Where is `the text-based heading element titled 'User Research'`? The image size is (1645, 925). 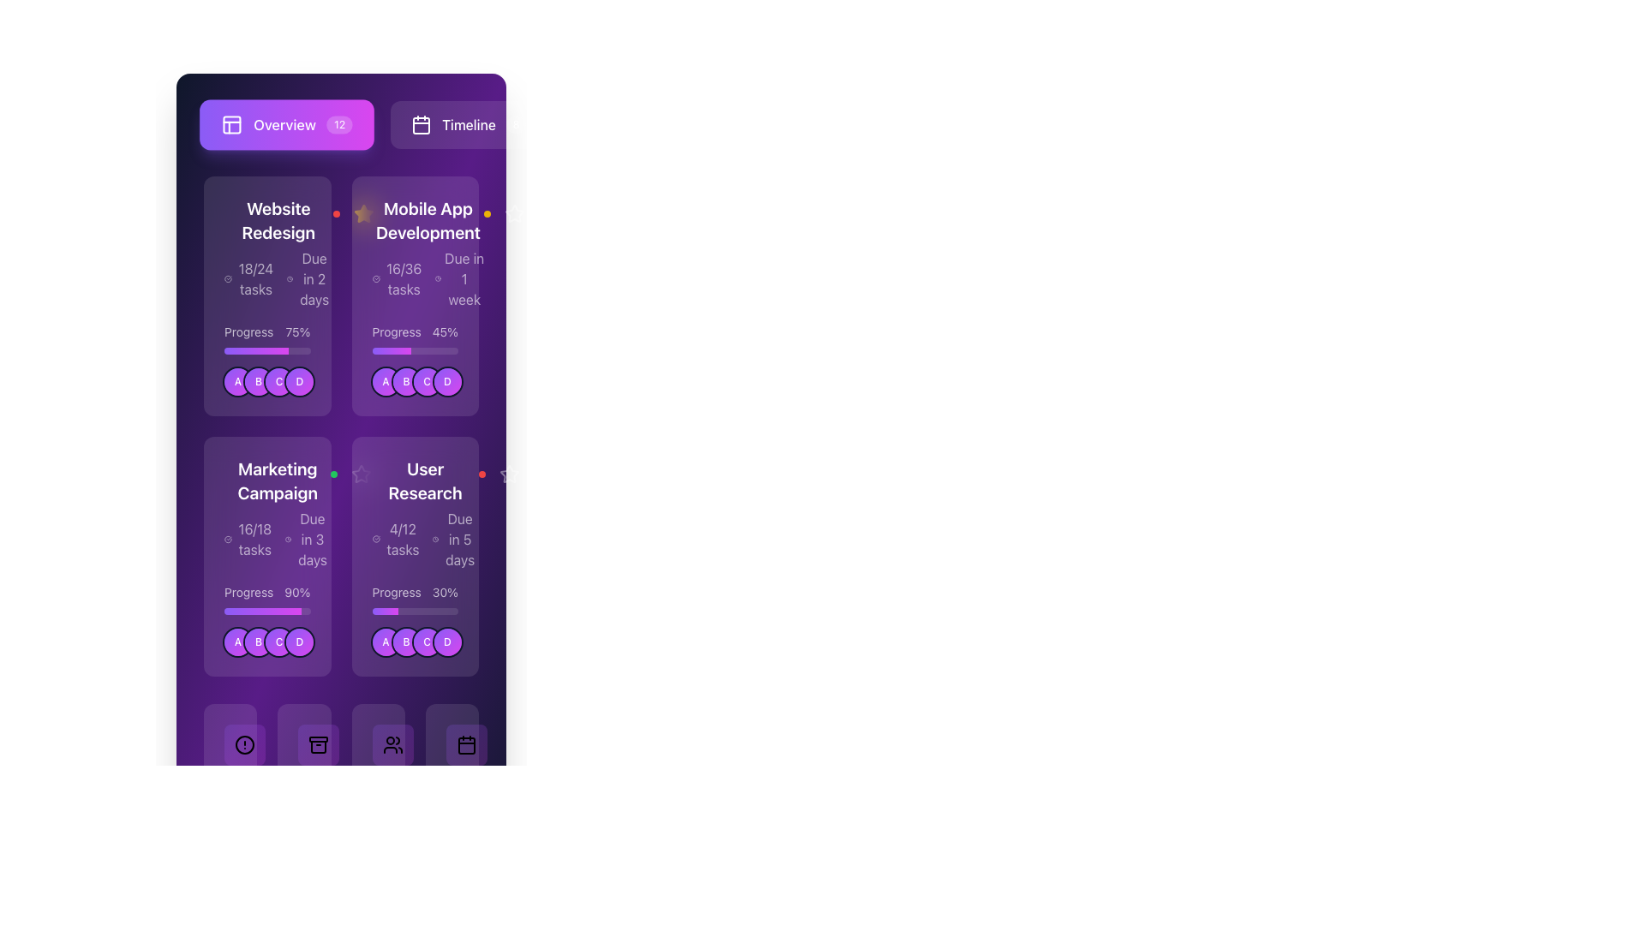 the text-based heading element titled 'User Research' is located at coordinates (425, 481).